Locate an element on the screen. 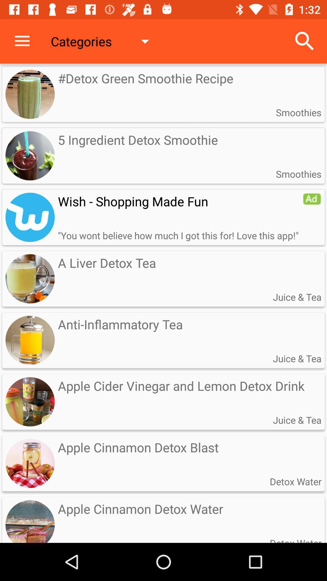  the item above the smoothies icon is located at coordinates (305, 41).